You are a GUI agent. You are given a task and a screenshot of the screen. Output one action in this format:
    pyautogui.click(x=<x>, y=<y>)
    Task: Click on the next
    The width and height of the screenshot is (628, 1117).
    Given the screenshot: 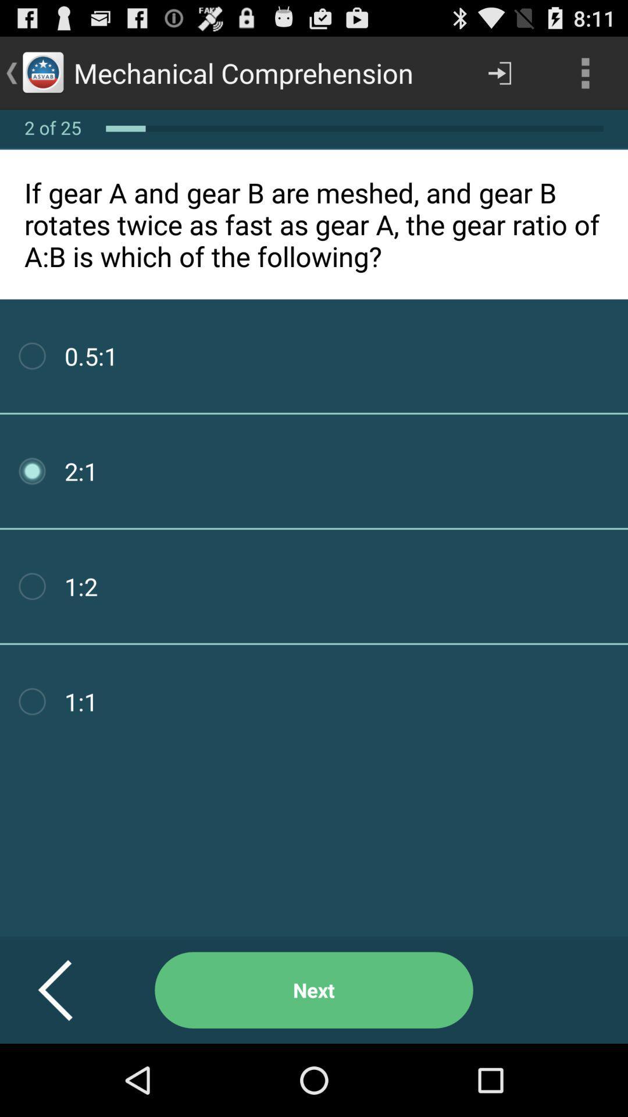 What is the action you would take?
    pyautogui.click(x=314, y=990)
    